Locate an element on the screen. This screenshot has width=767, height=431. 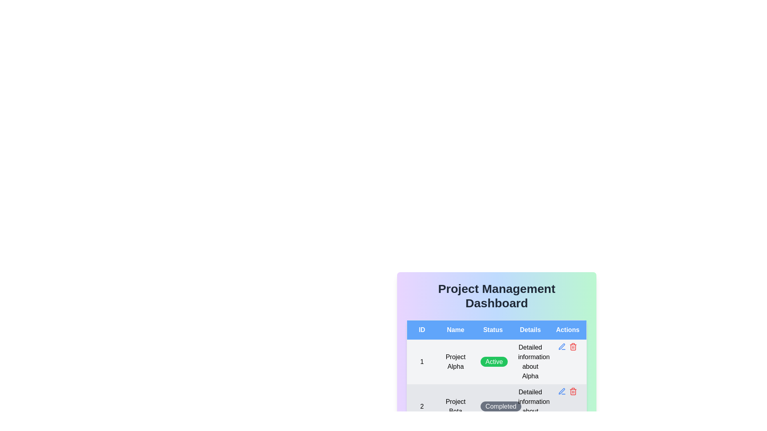
the red trash can icon button in the 'Actions' column is located at coordinates (573, 391).